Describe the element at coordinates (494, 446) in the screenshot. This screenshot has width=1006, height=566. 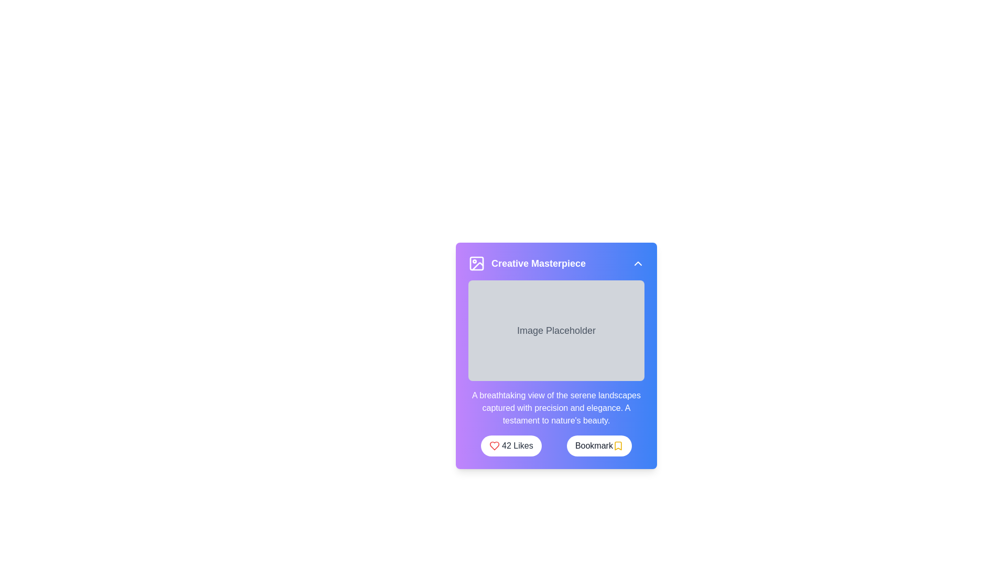
I see `the hollow heart-shaped icon with a red border located` at that location.